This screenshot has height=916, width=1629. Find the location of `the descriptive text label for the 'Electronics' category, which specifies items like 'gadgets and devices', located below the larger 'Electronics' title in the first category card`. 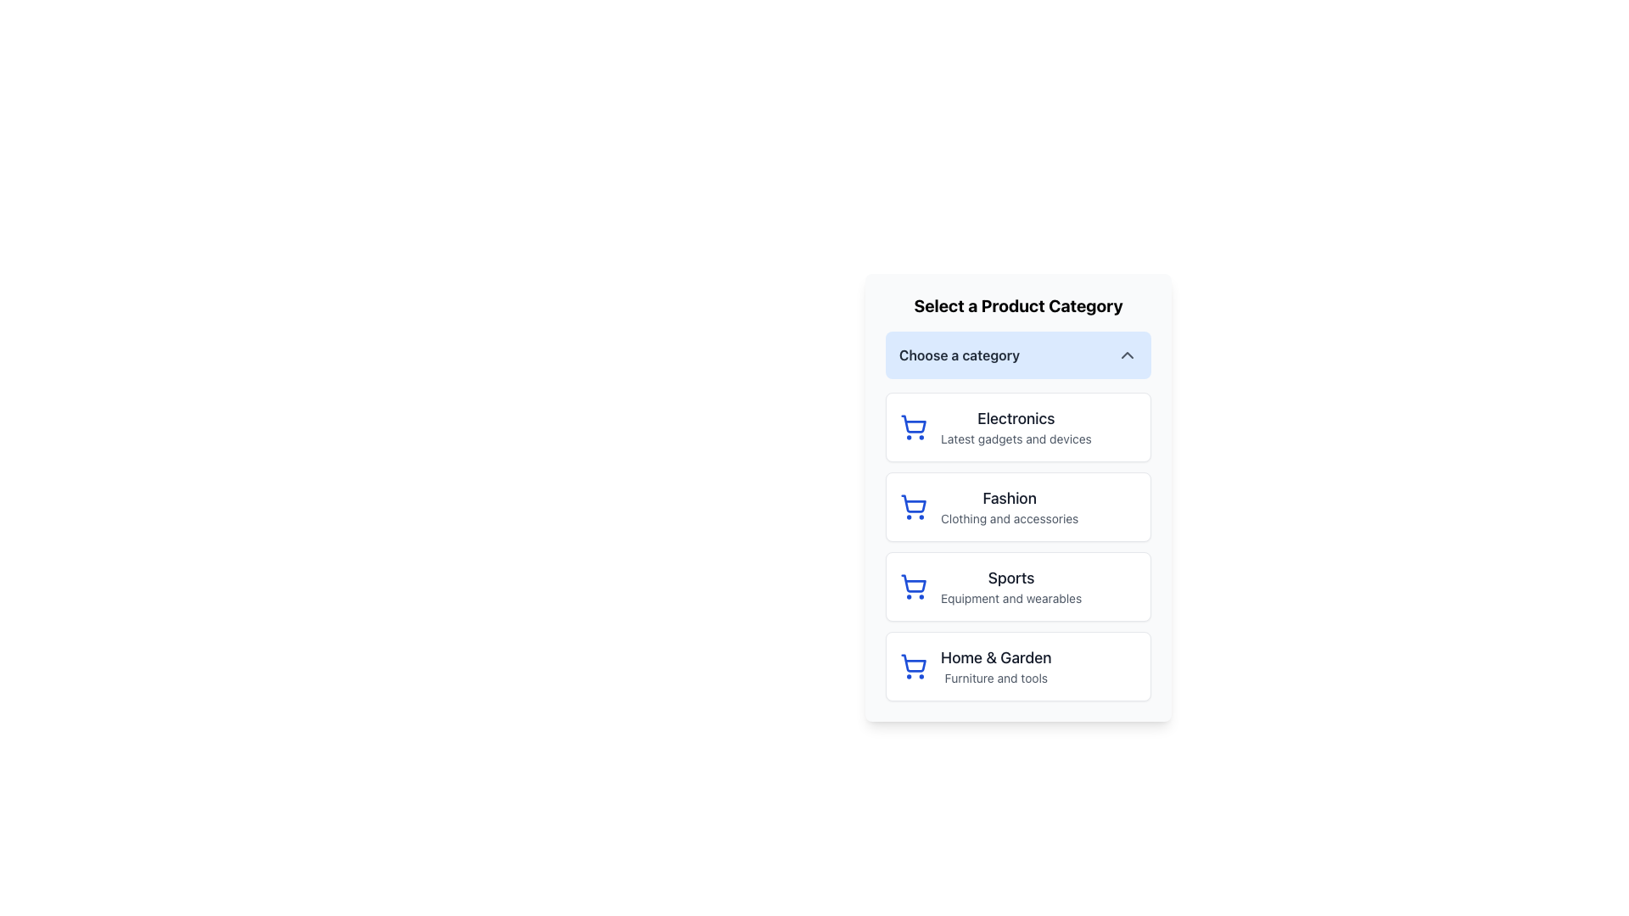

the descriptive text label for the 'Electronics' category, which specifies items like 'gadgets and devices', located below the larger 'Electronics' title in the first category card is located at coordinates (1016, 438).